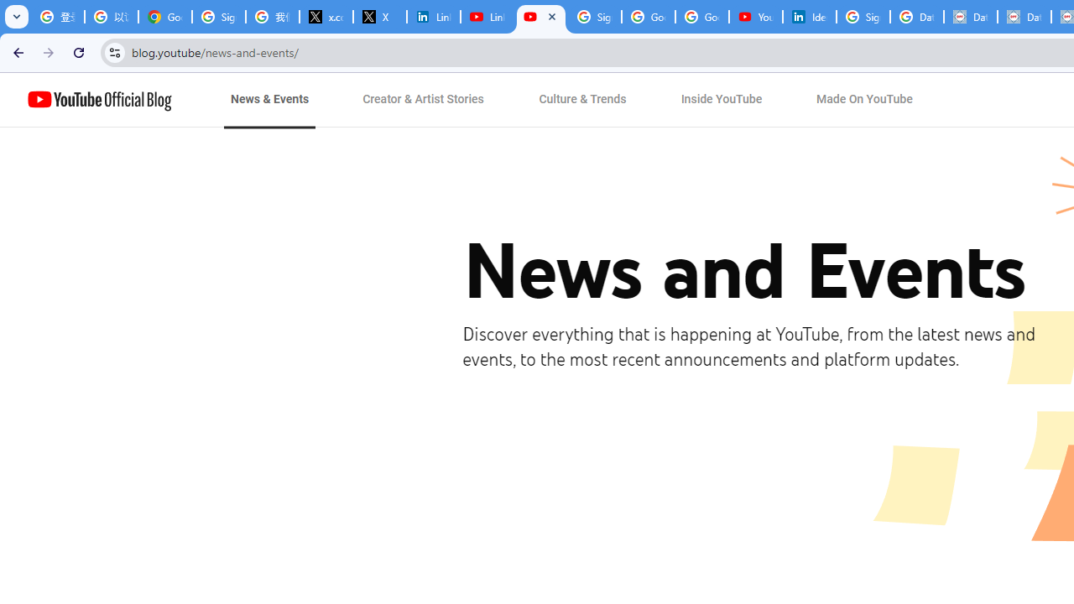 The image size is (1074, 604). Describe the element at coordinates (434, 17) in the screenshot. I see `'LinkedIn Privacy Policy'` at that location.